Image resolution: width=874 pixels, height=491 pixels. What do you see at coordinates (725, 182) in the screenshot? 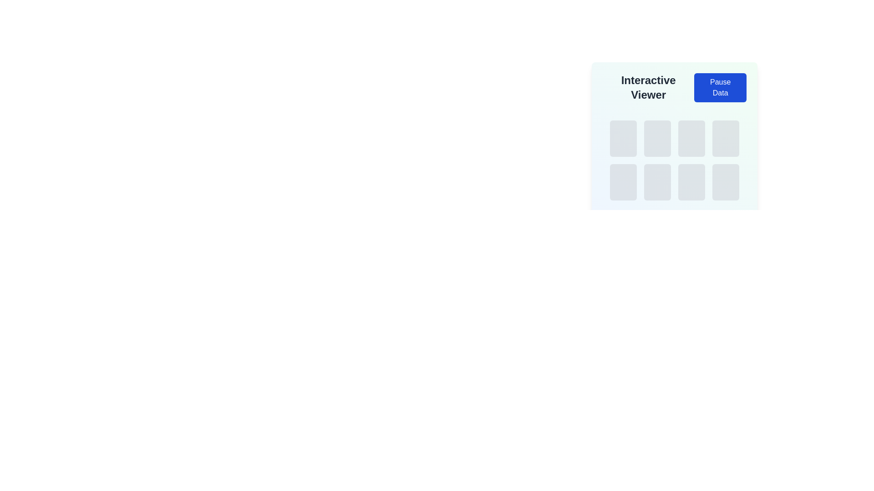
I see `the Placeholder rectangle located in the bottom-right position of a 2x4 grid, which has rounded corners and a gray fill color` at bounding box center [725, 182].